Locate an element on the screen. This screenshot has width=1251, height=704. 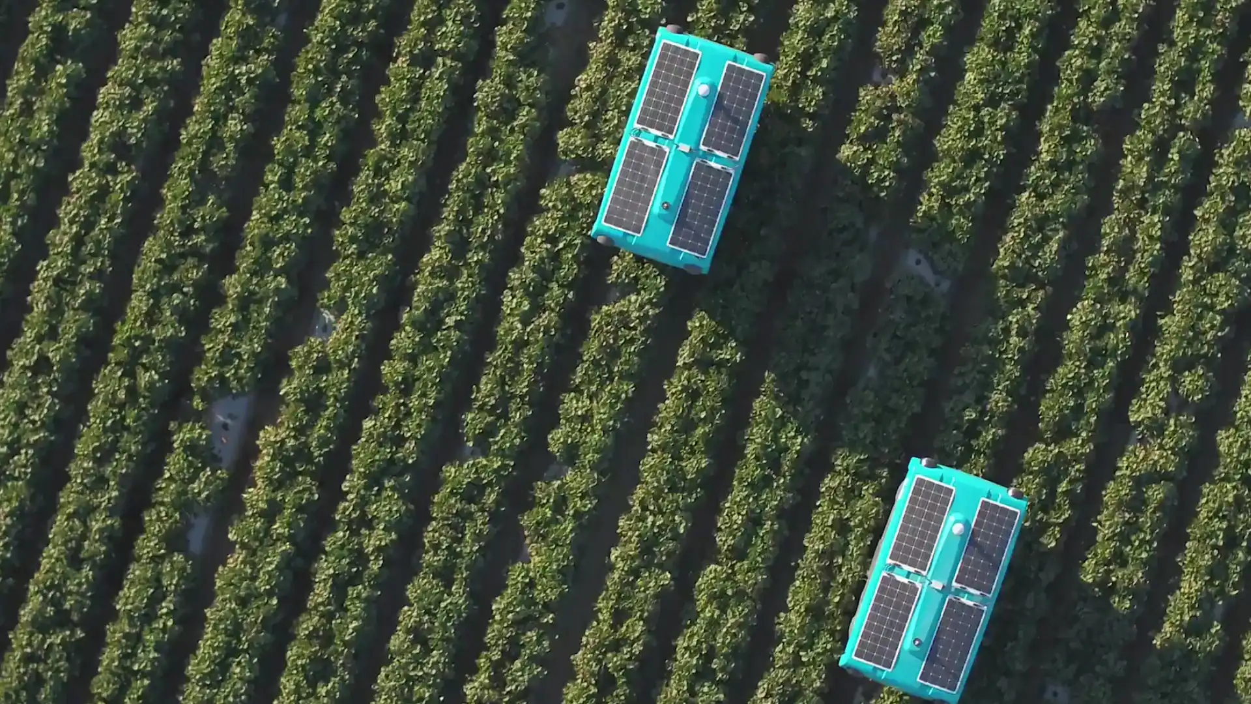
Dandelion graduates Dandelion, a project using geothermal energy to sustainably and affordably heat and cool homes, graduates from X as an independent company outside Alphabet and begins offering services in the northeastern United States. is located at coordinates (660, 488).